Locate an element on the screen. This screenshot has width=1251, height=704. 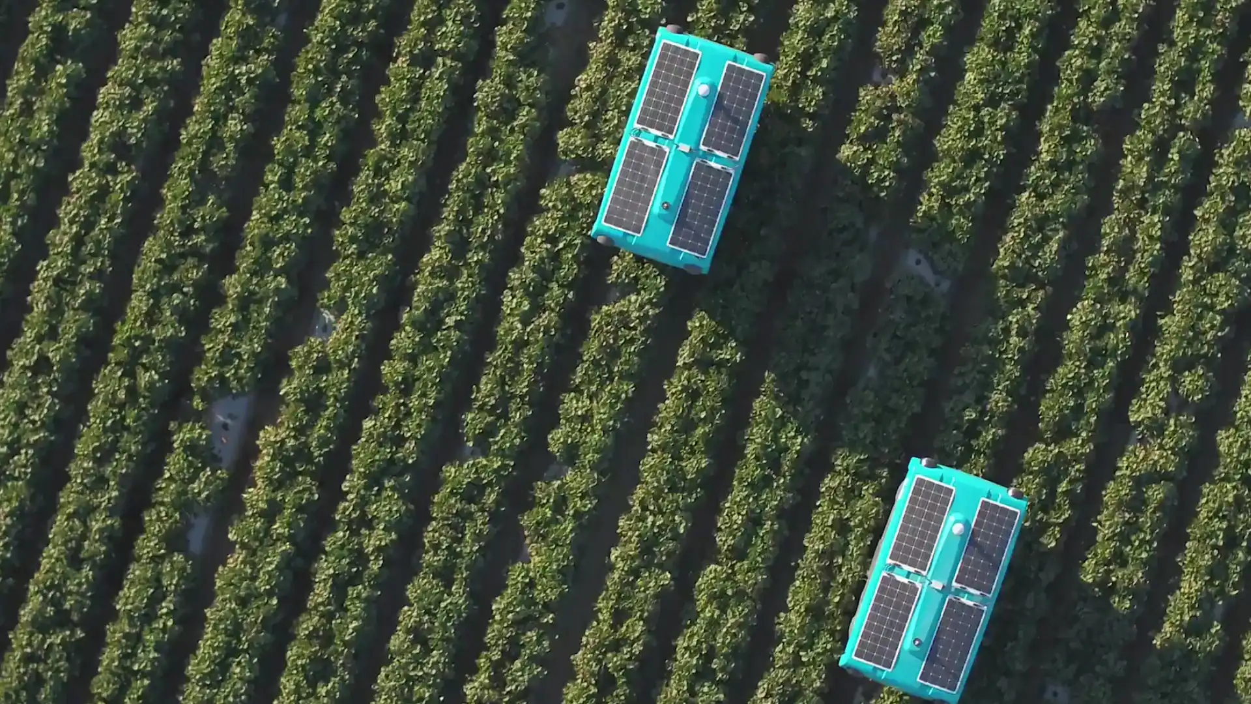
Dandelion graduates Dandelion, a project using geothermal energy to sustainably and affordably heat and cool homes, graduates from X as an independent company outside Alphabet and begins offering services in the northeastern United States. is located at coordinates (660, 488).